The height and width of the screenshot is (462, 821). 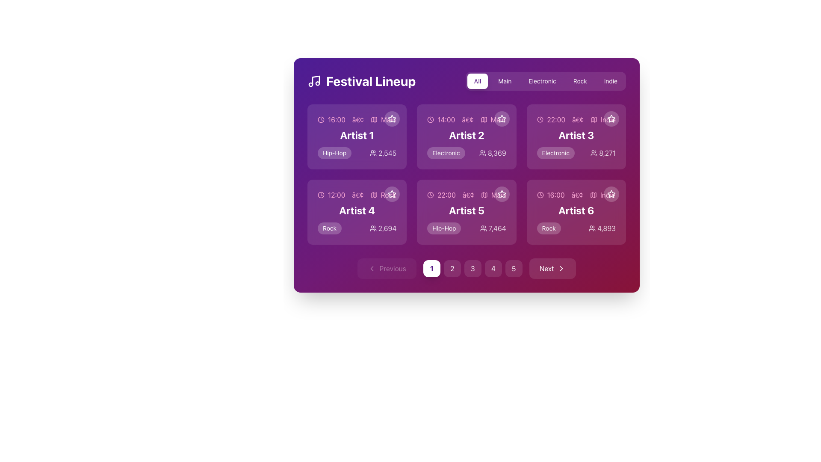 I want to click on the graphical representation of the Map Icon located at the bottom right of the 'Artist 6' card, which is in the last row and last column of the grid, positioned to the right of a bullet point and before the text label 'Indie', so click(x=593, y=195).